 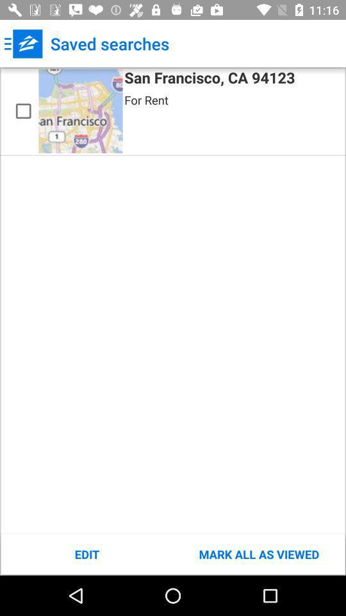 What do you see at coordinates (86, 554) in the screenshot?
I see `the icon to the left of mark all as` at bounding box center [86, 554].